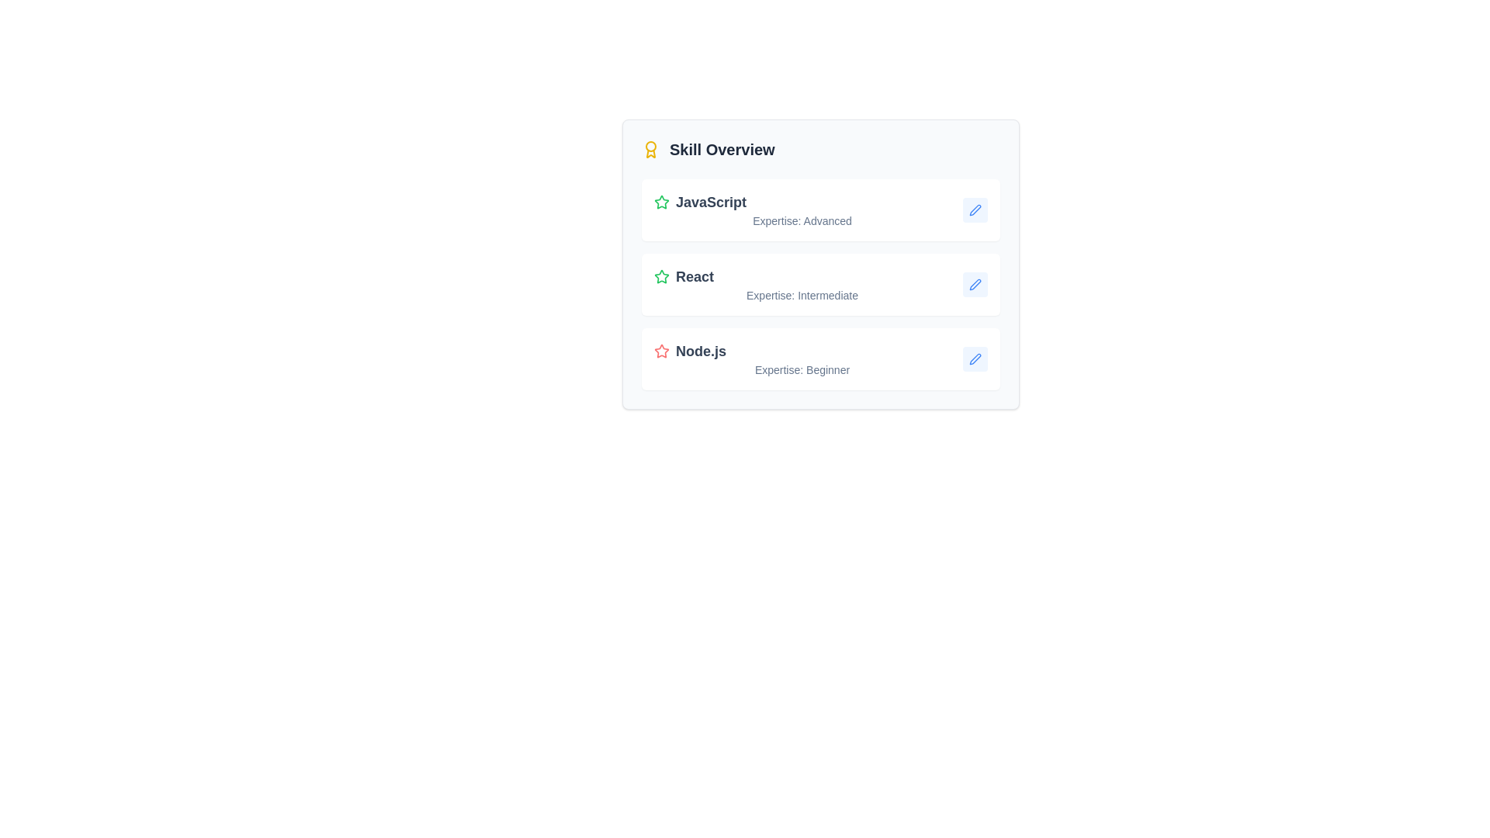 This screenshot has height=838, width=1490. What do you see at coordinates (975, 358) in the screenshot?
I see `the edit button located at the rightmost position within the Node.js skill section` at bounding box center [975, 358].